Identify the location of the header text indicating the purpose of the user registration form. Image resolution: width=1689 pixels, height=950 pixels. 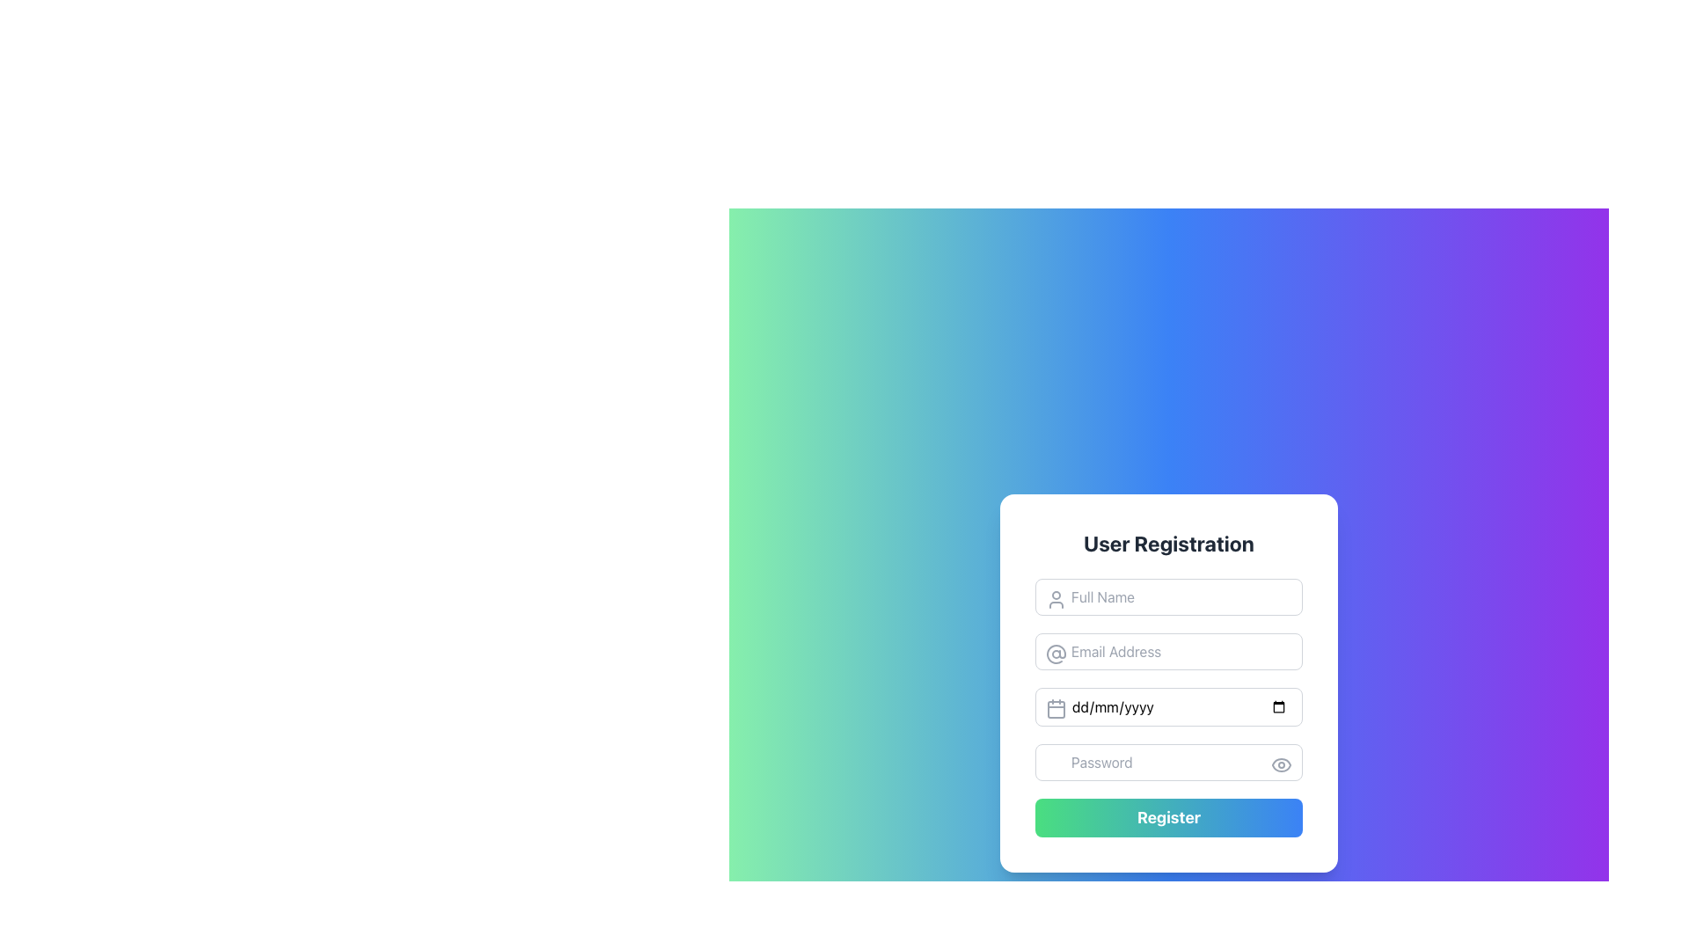
(1169, 542).